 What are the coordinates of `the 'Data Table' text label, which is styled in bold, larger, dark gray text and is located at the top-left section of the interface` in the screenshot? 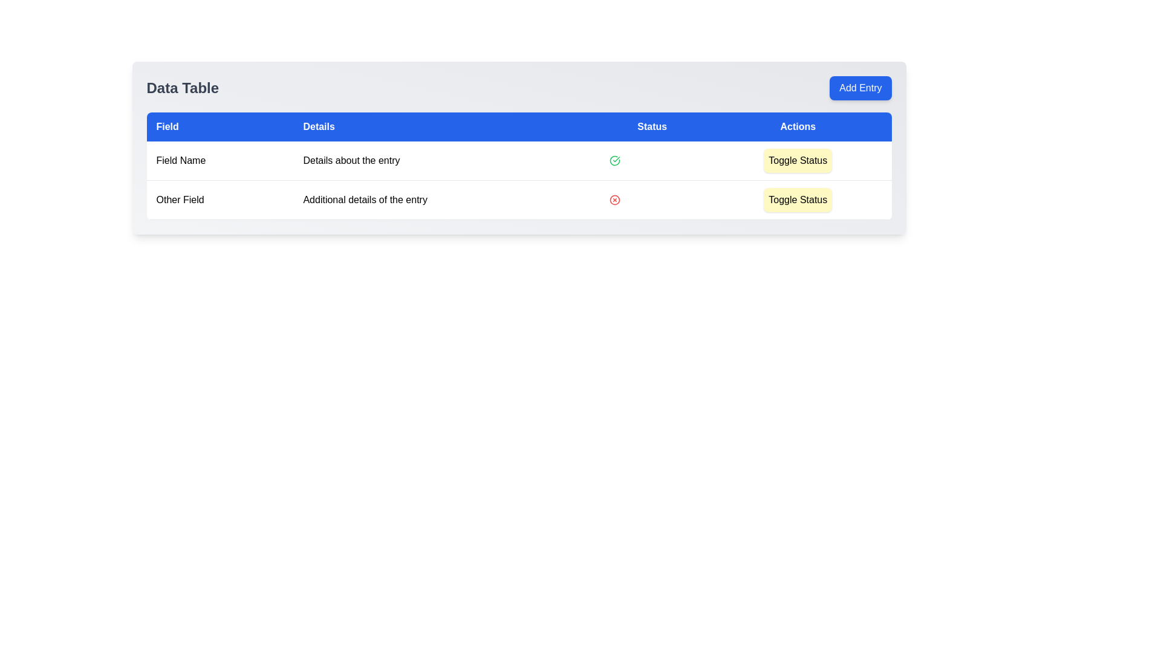 It's located at (182, 88).